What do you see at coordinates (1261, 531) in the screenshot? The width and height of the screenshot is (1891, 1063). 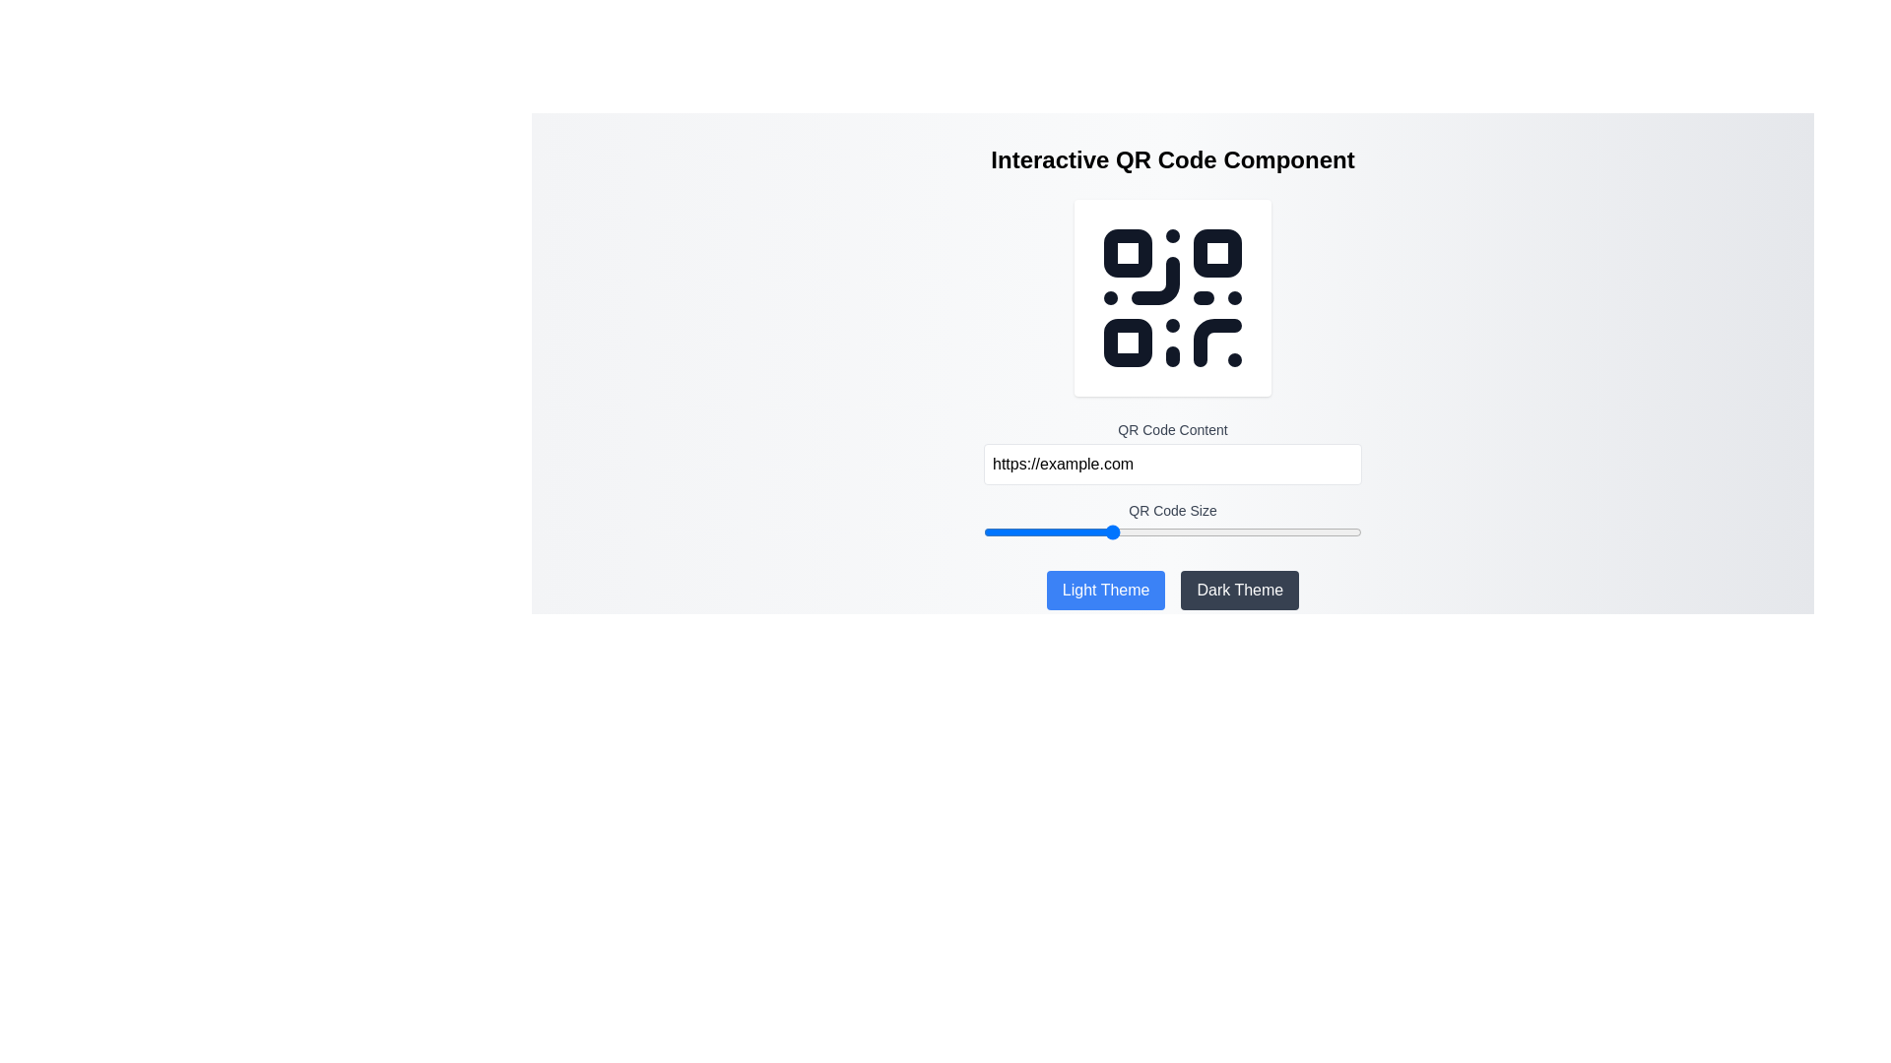 I see `the QR Code size` at bounding box center [1261, 531].